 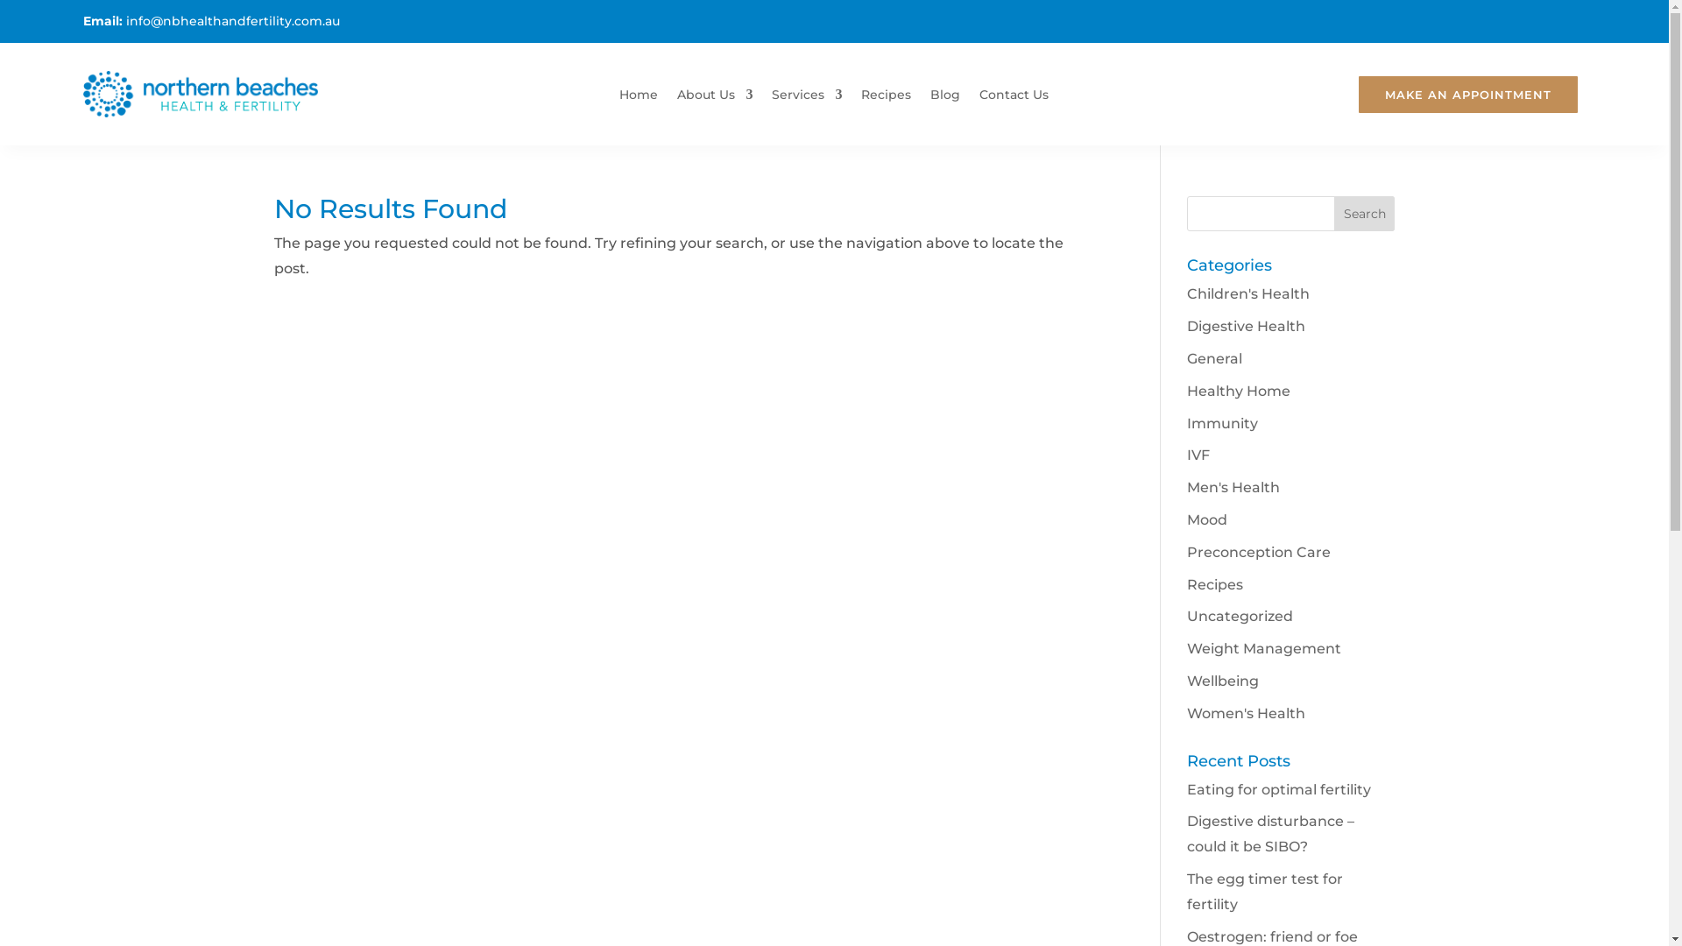 I want to click on 'Healthy Home', so click(x=1238, y=390).